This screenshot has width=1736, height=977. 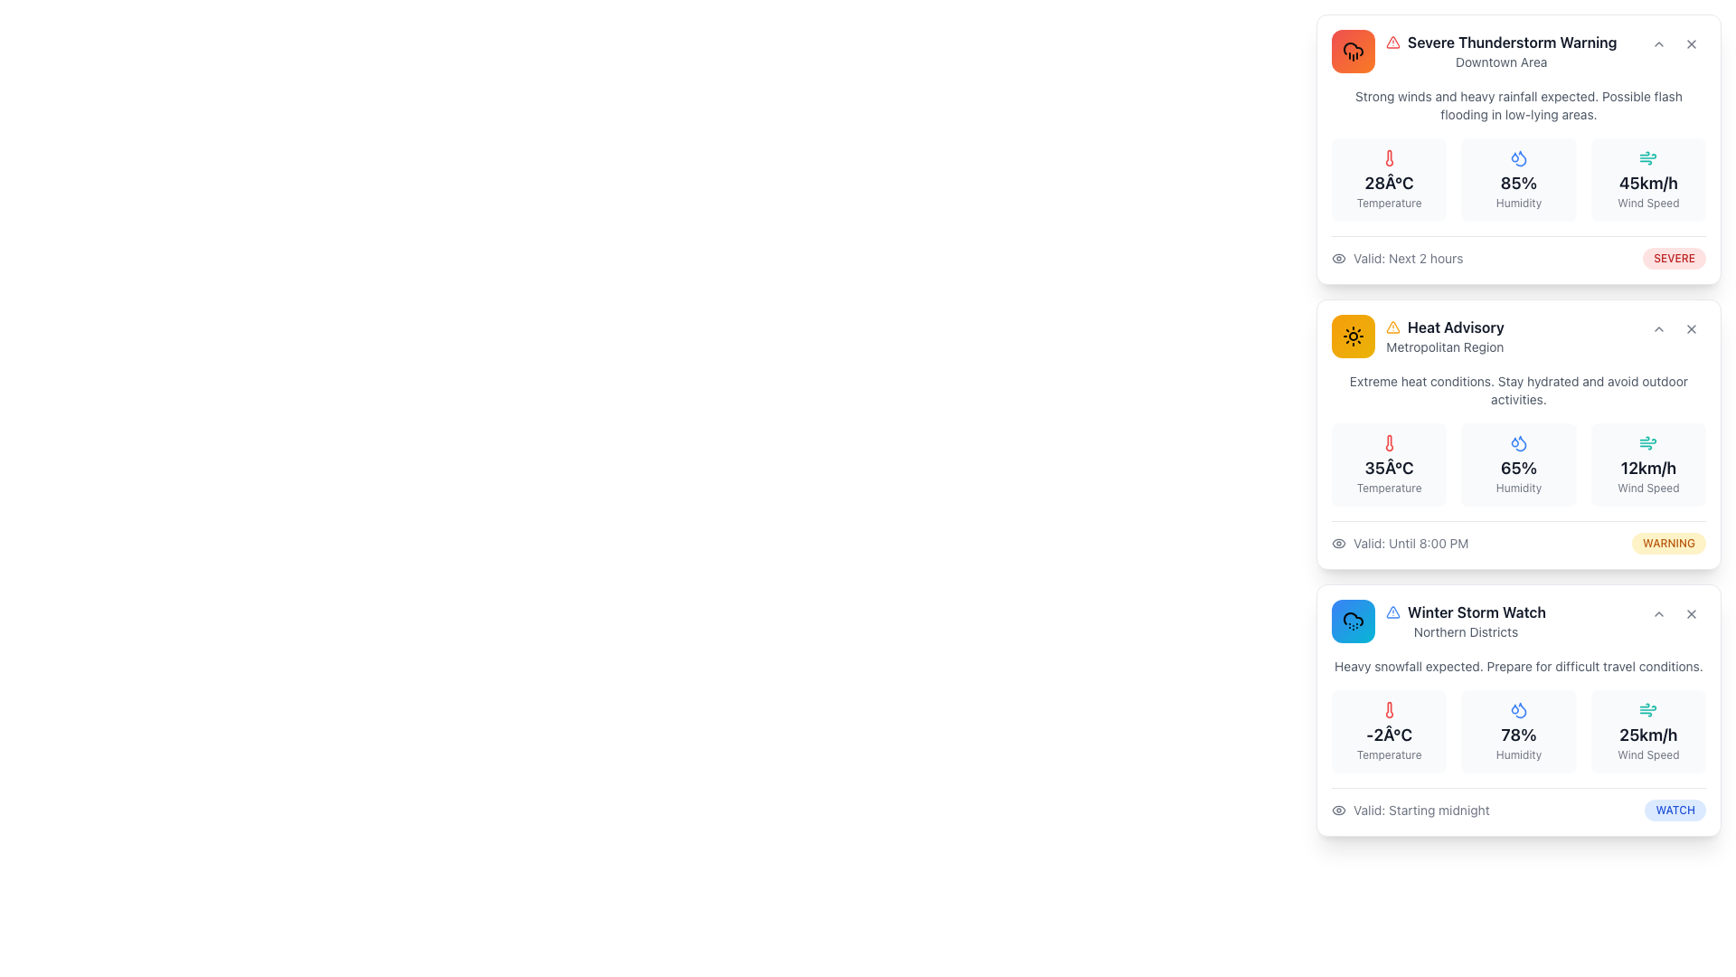 I want to click on 'Humidity' text label element located in the third card from the top in the right-aligned column of weather warnings, positioned below the '78%' text, so click(x=1519, y=754).